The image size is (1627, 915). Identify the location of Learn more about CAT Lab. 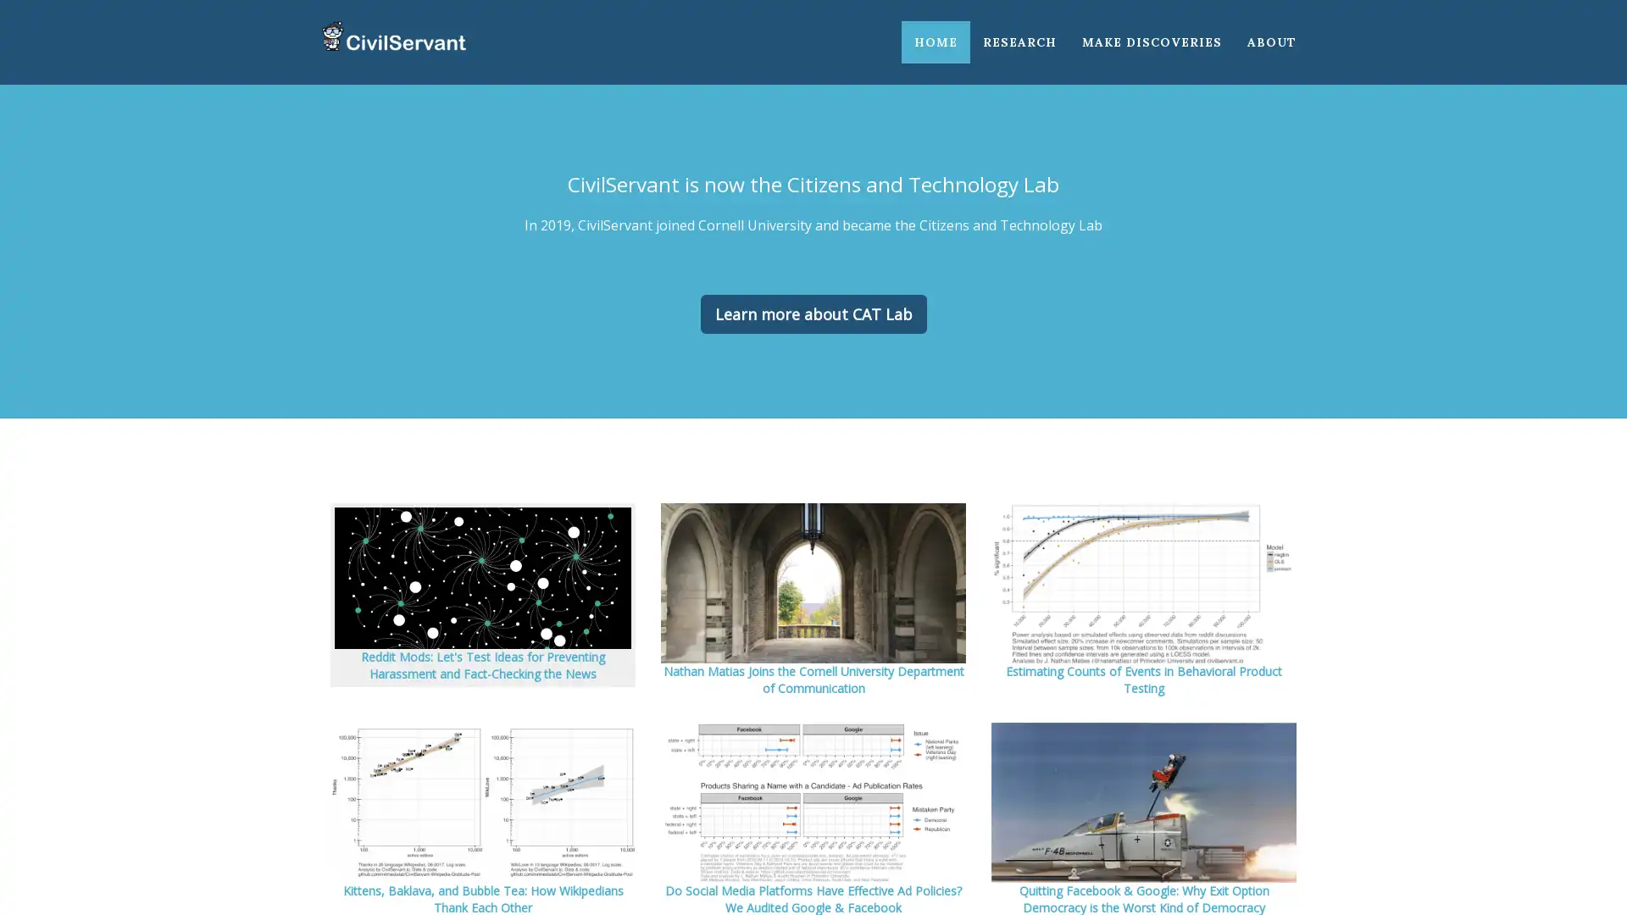
(812, 313).